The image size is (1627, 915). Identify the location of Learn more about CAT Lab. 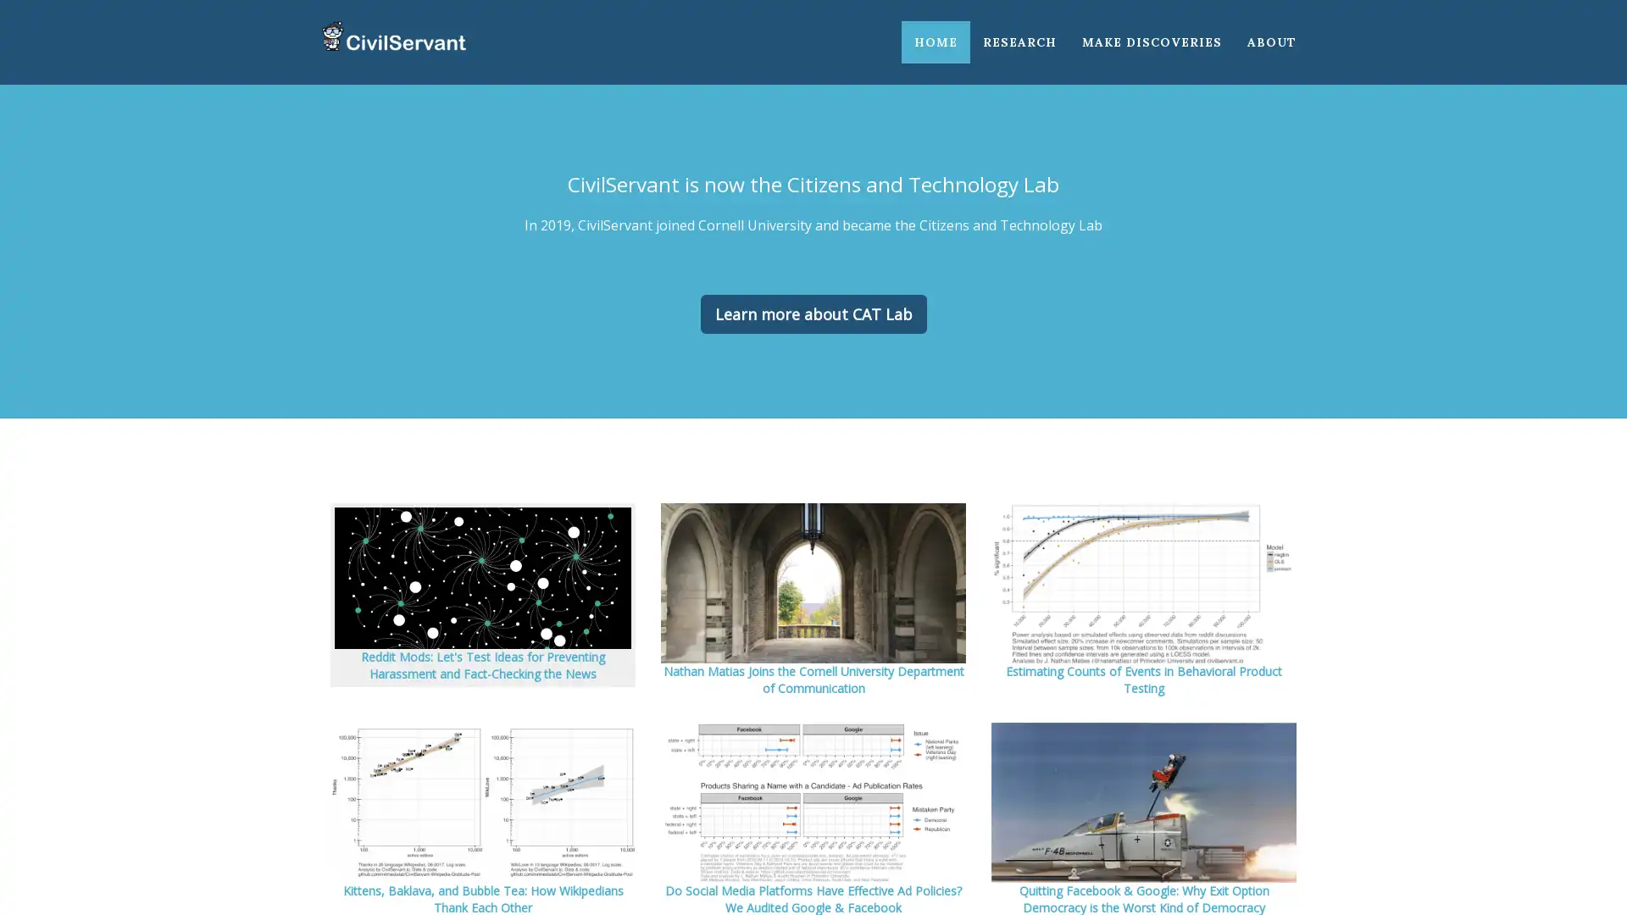
(812, 313).